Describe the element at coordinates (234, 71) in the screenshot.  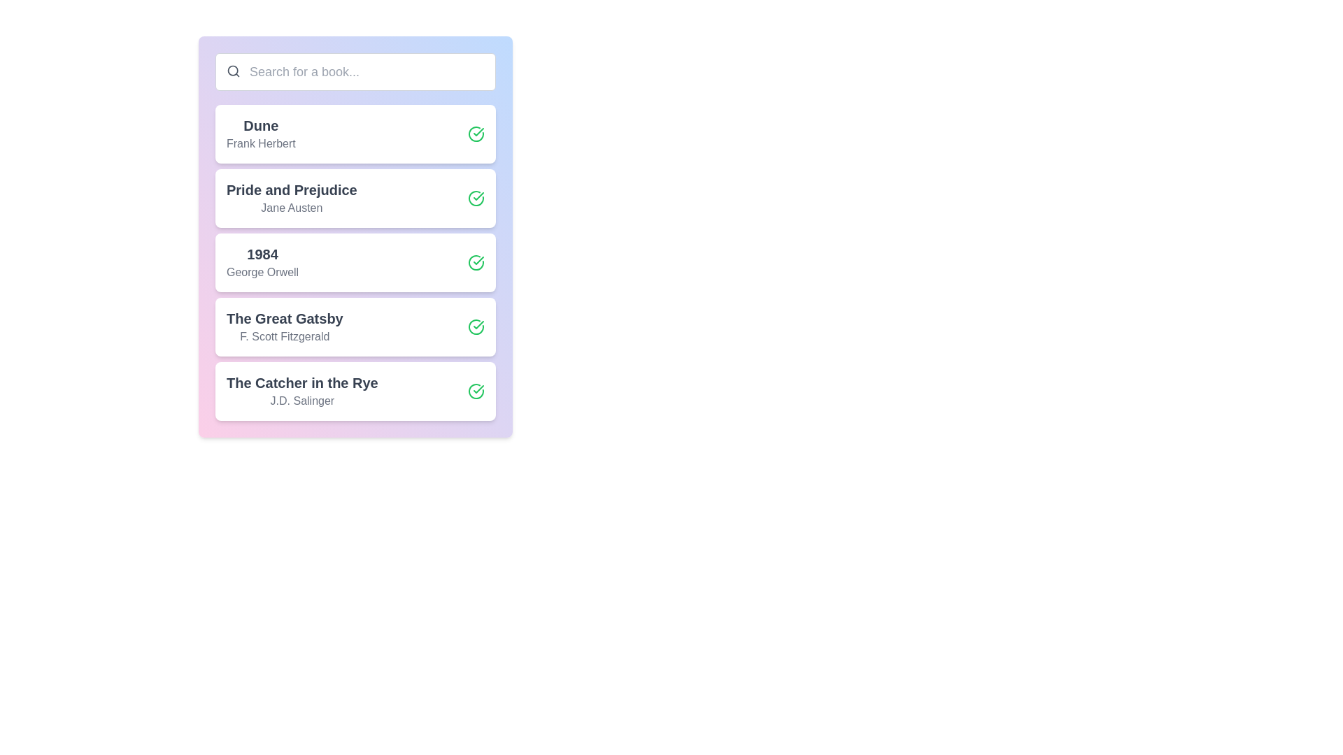
I see `the search icon located at the far left edge of the search input field, which serves as a visual indicator for search functionality` at that location.